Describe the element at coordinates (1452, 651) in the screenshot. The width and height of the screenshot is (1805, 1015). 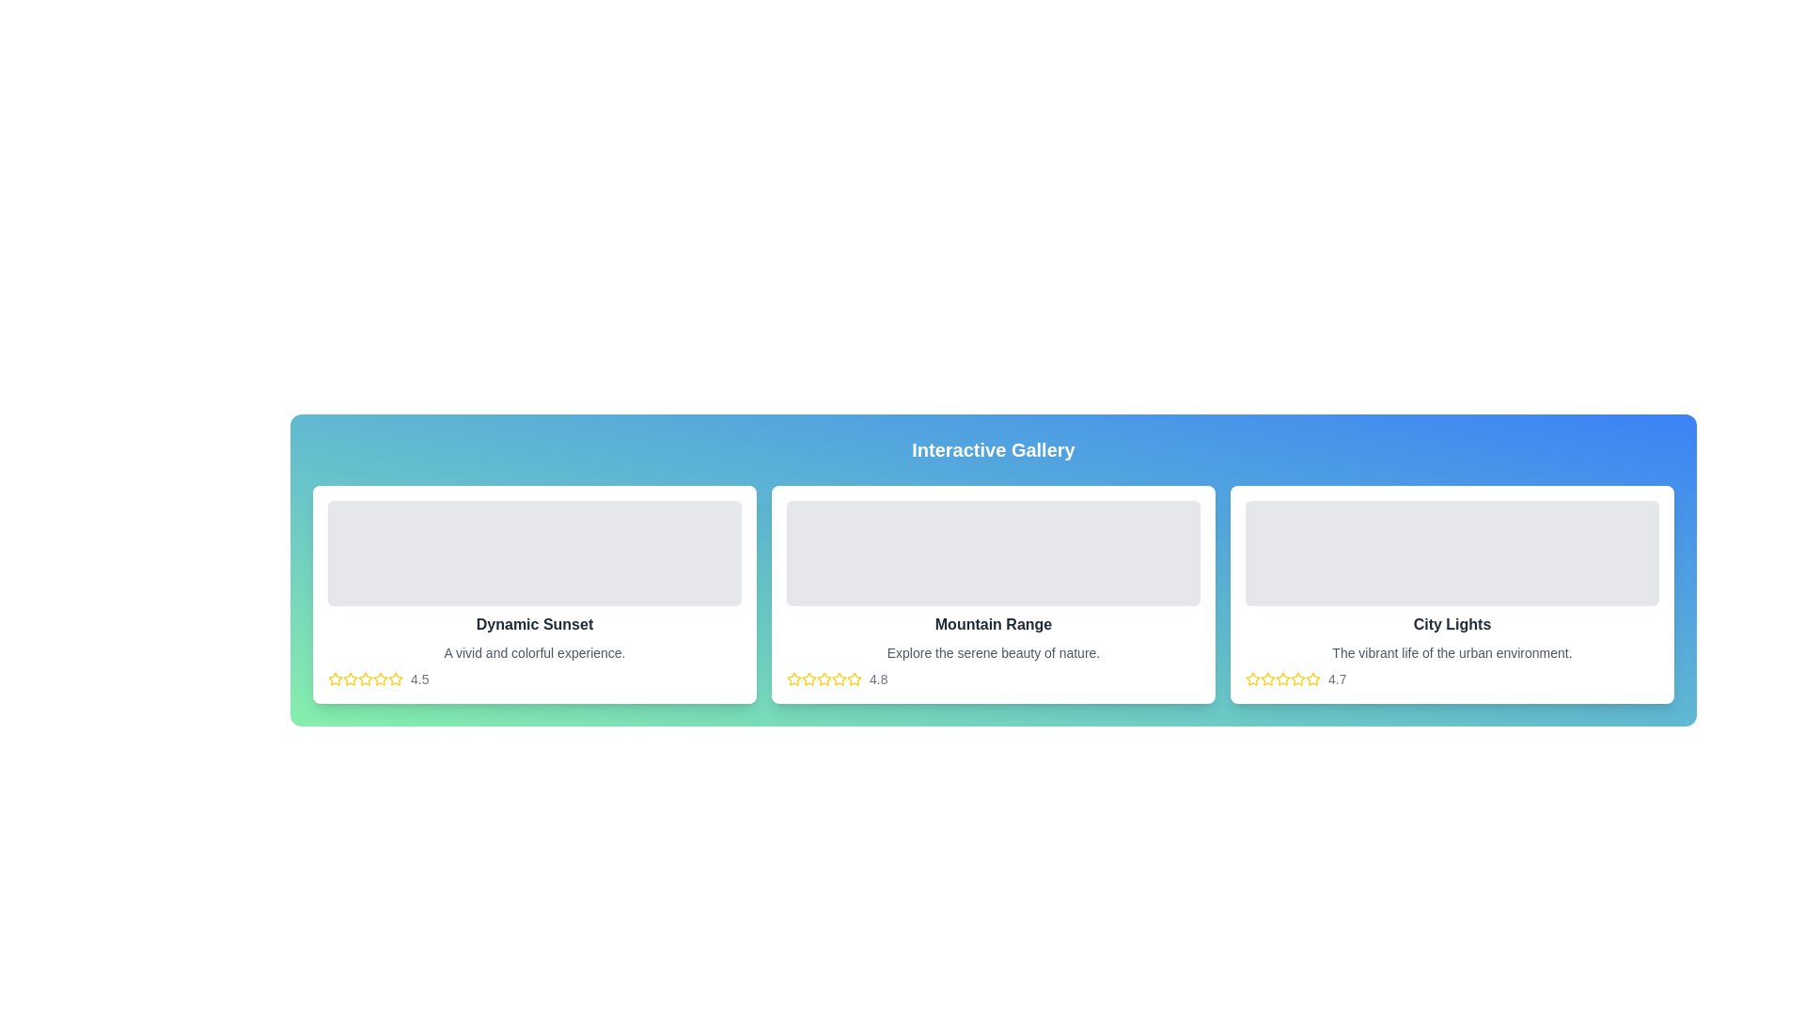
I see `the text element reading 'The vibrant life of the urban environment.', which is styled in gray and positioned below the 'City Lights' heading in the third card` at that location.